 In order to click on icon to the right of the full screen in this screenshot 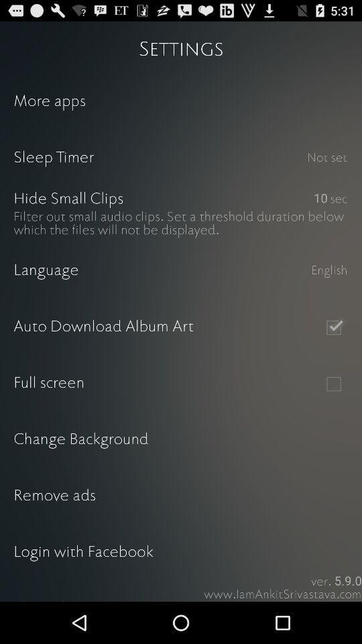, I will do `click(333, 384)`.